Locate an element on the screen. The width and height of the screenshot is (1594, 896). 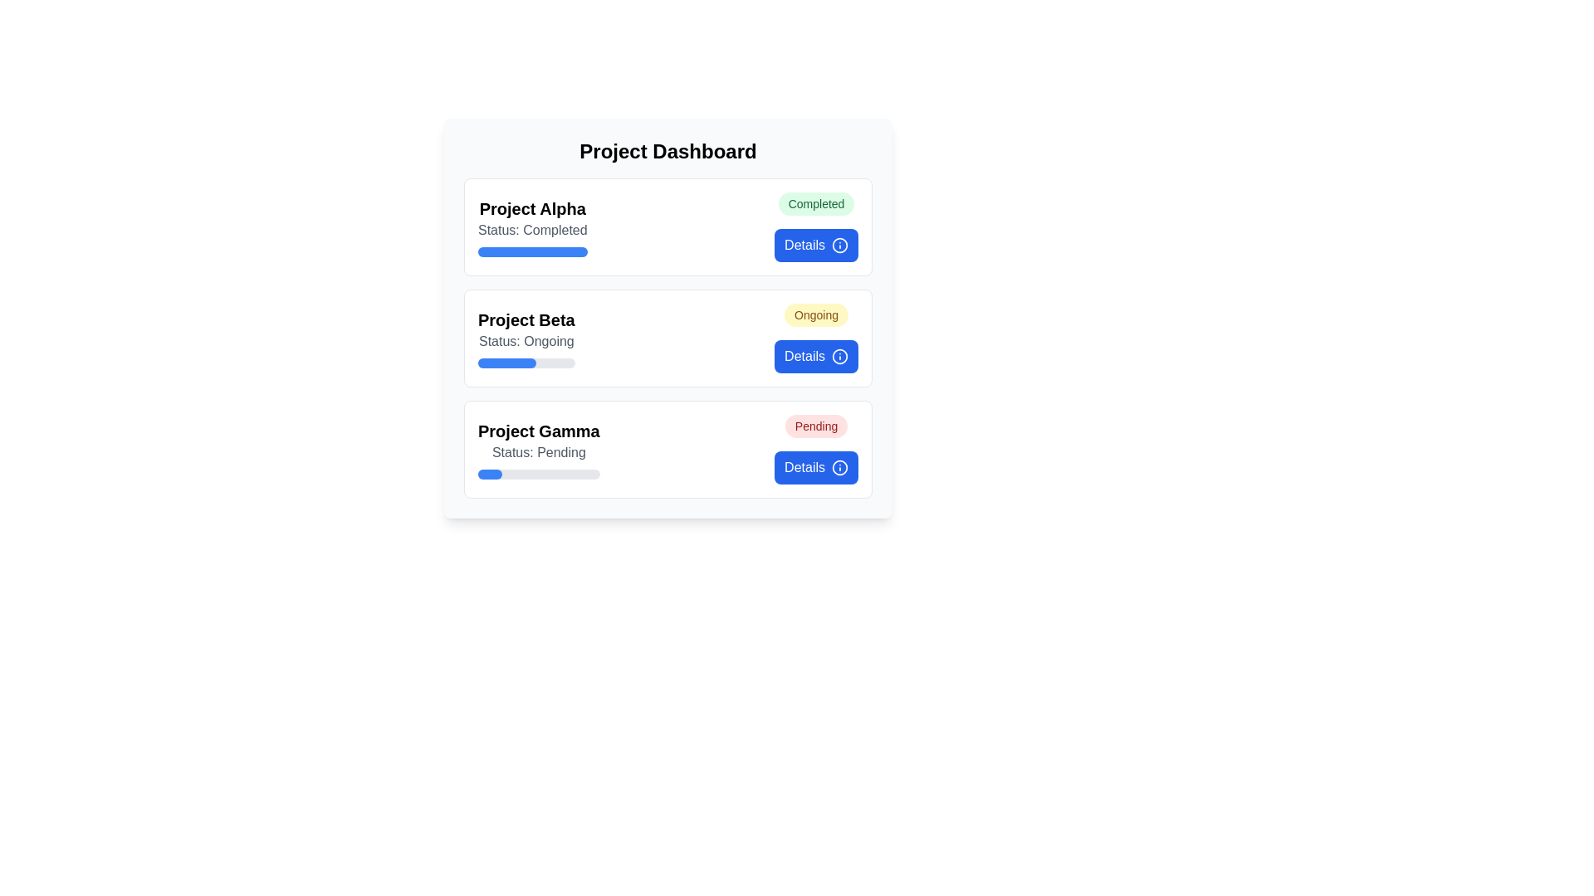
the progress bar representing 'Project Gamma', which is currently at 20% completion and located below the 'Status: Pending' text is located at coordinates (539, 474).